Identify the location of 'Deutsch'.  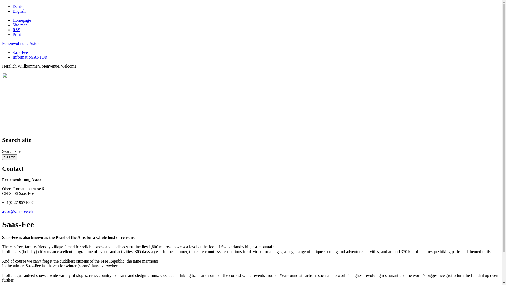
(19, 6).